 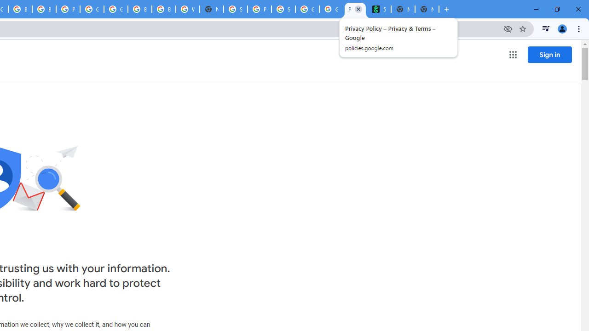 I want to click on 'Sign in - Google Accounts', so click(x=236, y=9).